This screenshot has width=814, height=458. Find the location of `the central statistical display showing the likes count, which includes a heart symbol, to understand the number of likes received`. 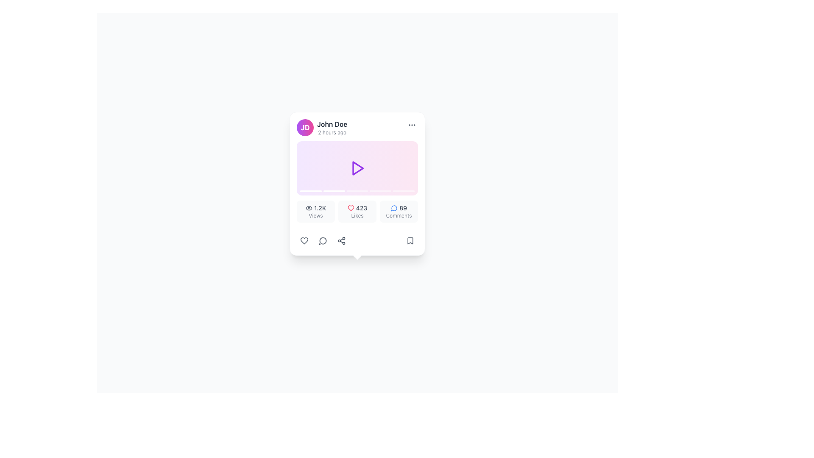

the central statistical display showing the likes count, which includes a heart symbol, to understand the number of likes received is located at coordinates (357, 208).